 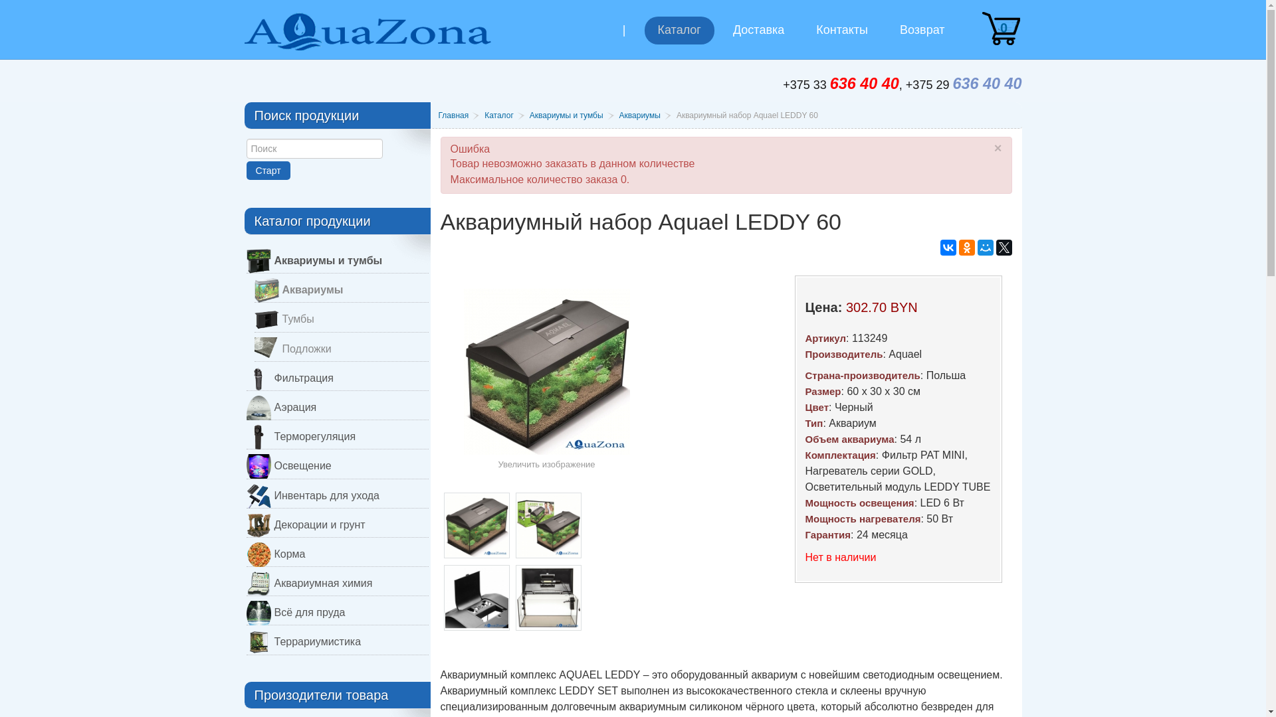 What do you see at coordinates (608, 40) in the screenshot?
I see `'|'` at bounding box center [608, 40].